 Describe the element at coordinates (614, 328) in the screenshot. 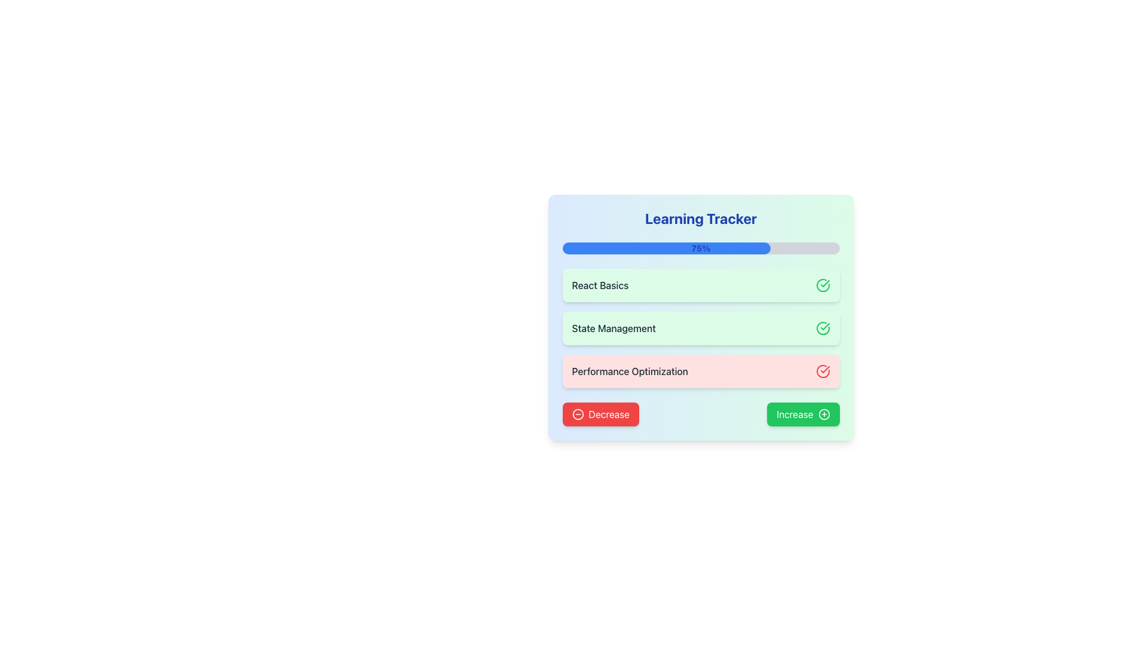

I see `text label element displaying 'State Management', which is styled in grayish-black color and located within a green-highlighted section, positioned between 'React Basics' and 'Performance Optimization'` at that location.